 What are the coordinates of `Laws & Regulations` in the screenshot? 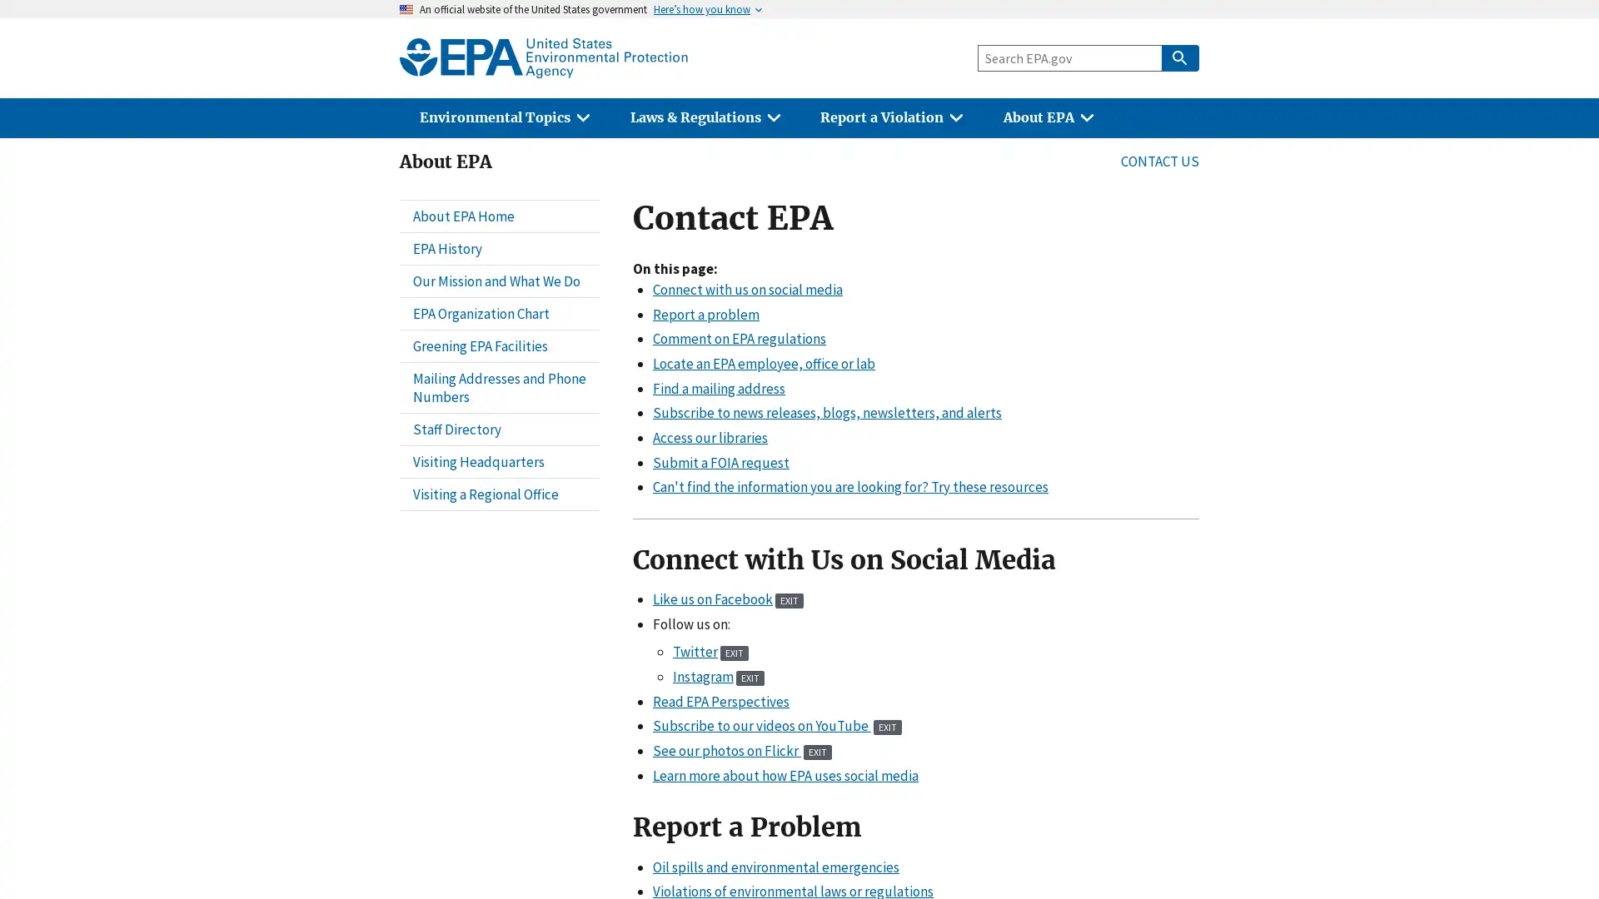 It's located at (705, 117).